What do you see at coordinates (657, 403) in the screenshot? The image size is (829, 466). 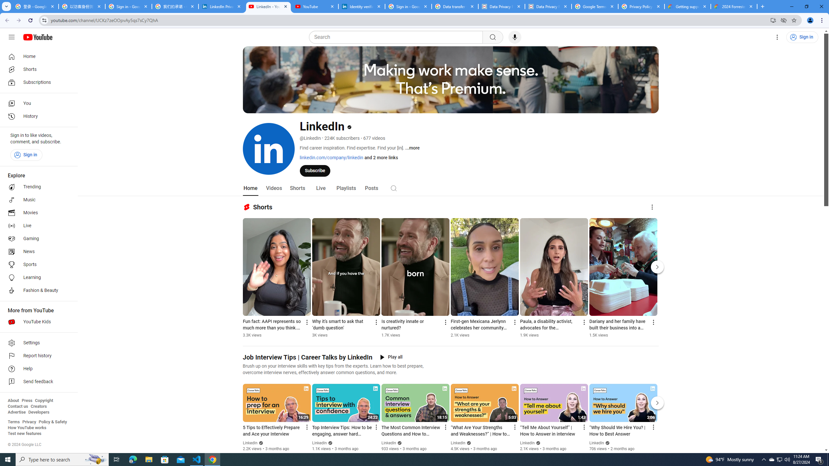 I see `'Next'` at bounding box center [657, 403].